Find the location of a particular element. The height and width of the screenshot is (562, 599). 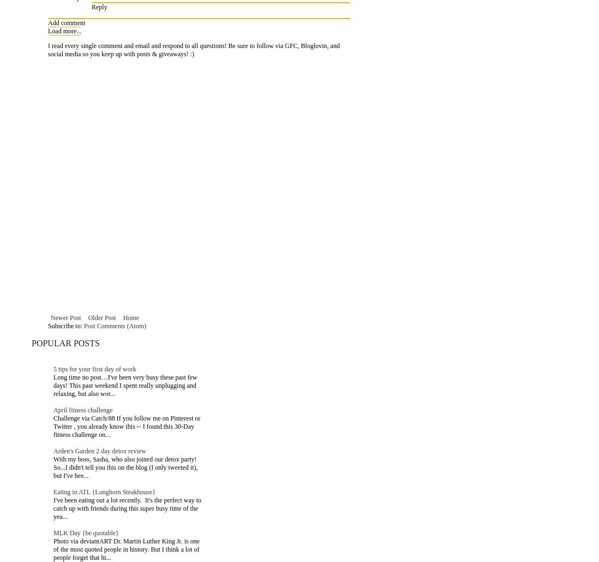

'Popular Posts' is located at coordinates (31, 343).